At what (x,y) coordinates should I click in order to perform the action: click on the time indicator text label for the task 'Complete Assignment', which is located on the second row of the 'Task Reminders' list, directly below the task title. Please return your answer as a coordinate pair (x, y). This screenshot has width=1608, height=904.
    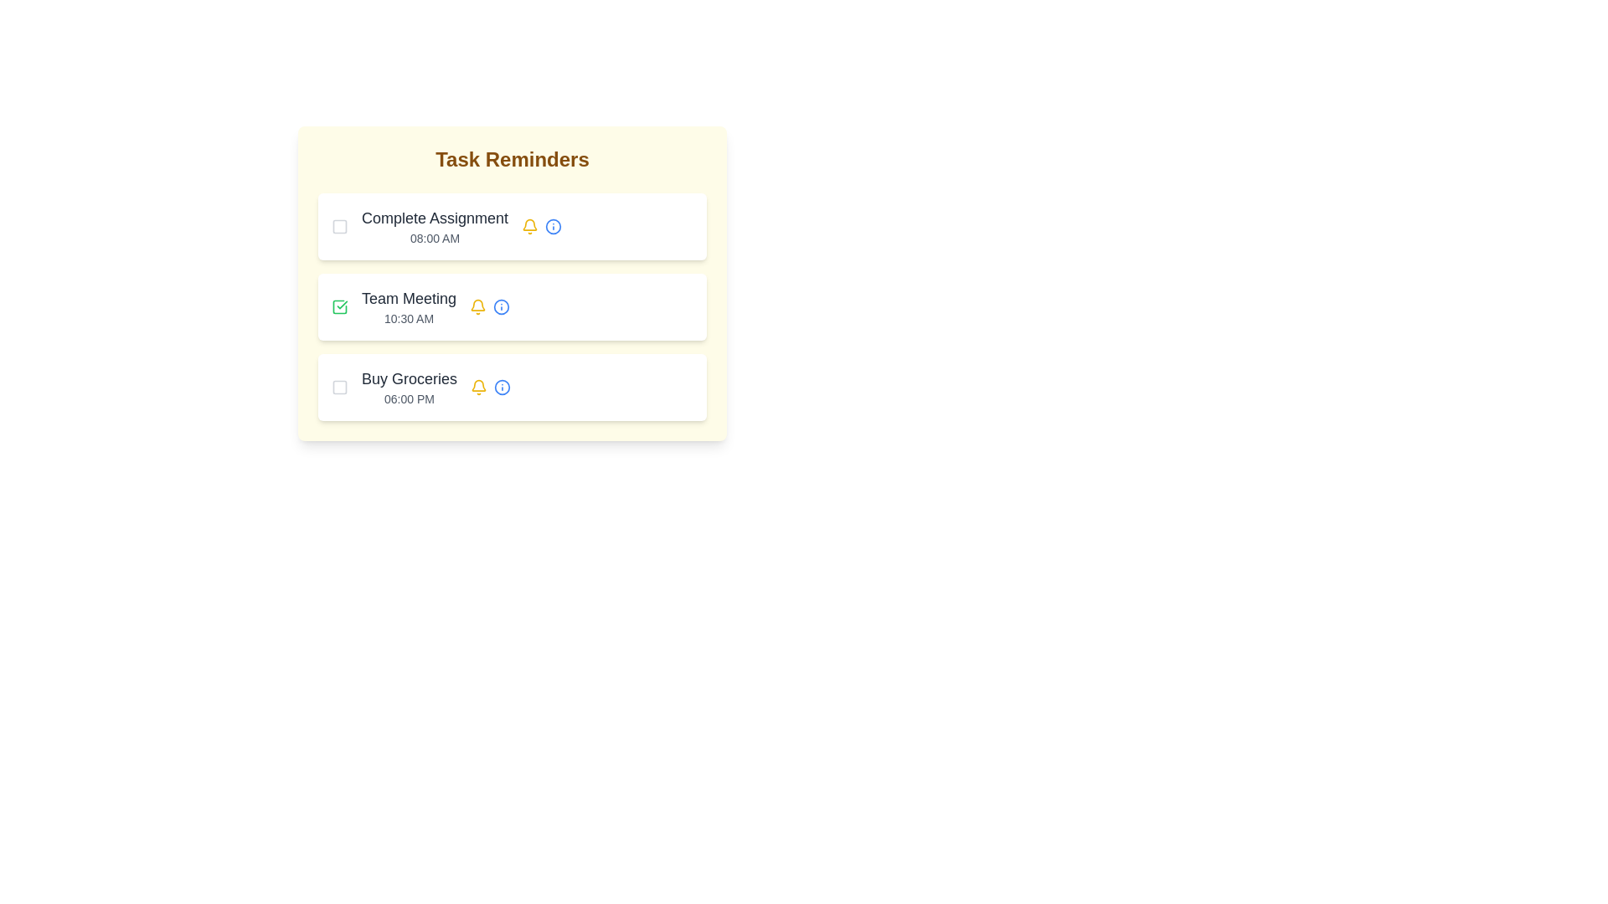
    Looking at the image, I should click on (435, 239).